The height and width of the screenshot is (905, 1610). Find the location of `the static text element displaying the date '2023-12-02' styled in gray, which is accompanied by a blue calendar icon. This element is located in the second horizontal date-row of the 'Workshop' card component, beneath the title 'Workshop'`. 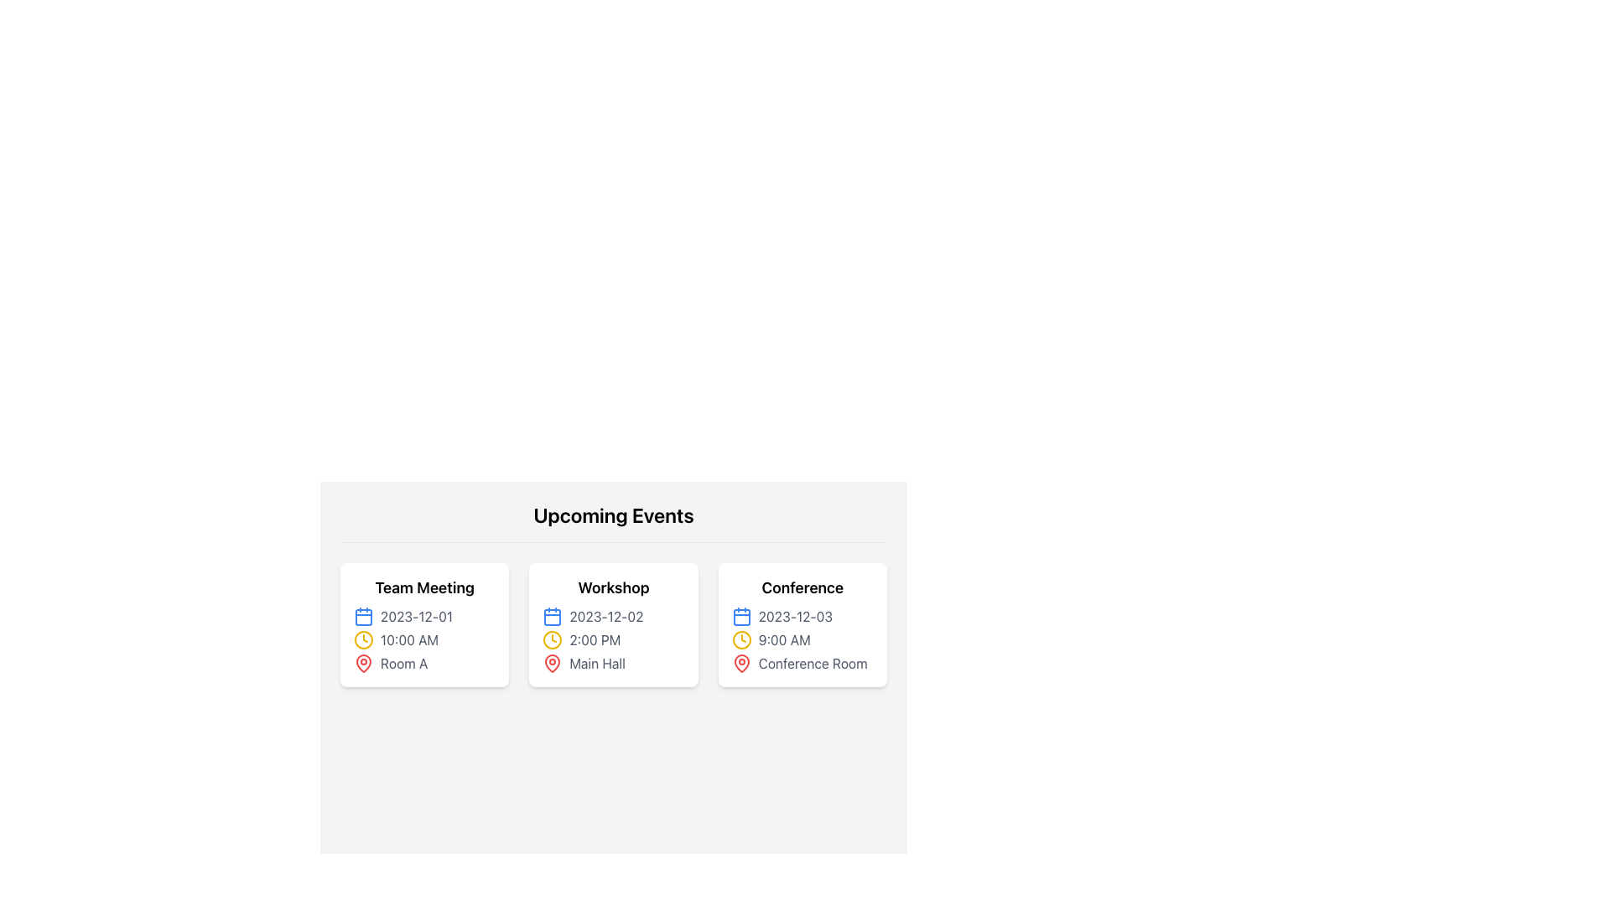

the static text element displaying the date '2023-12-02' styled in gray, which is accompanied by a blue calendar icon. This element is located in the second horizontal date-row of the 'Workshop' card component, beneath the title 'Workshop' is located at coordinates (612, 617).